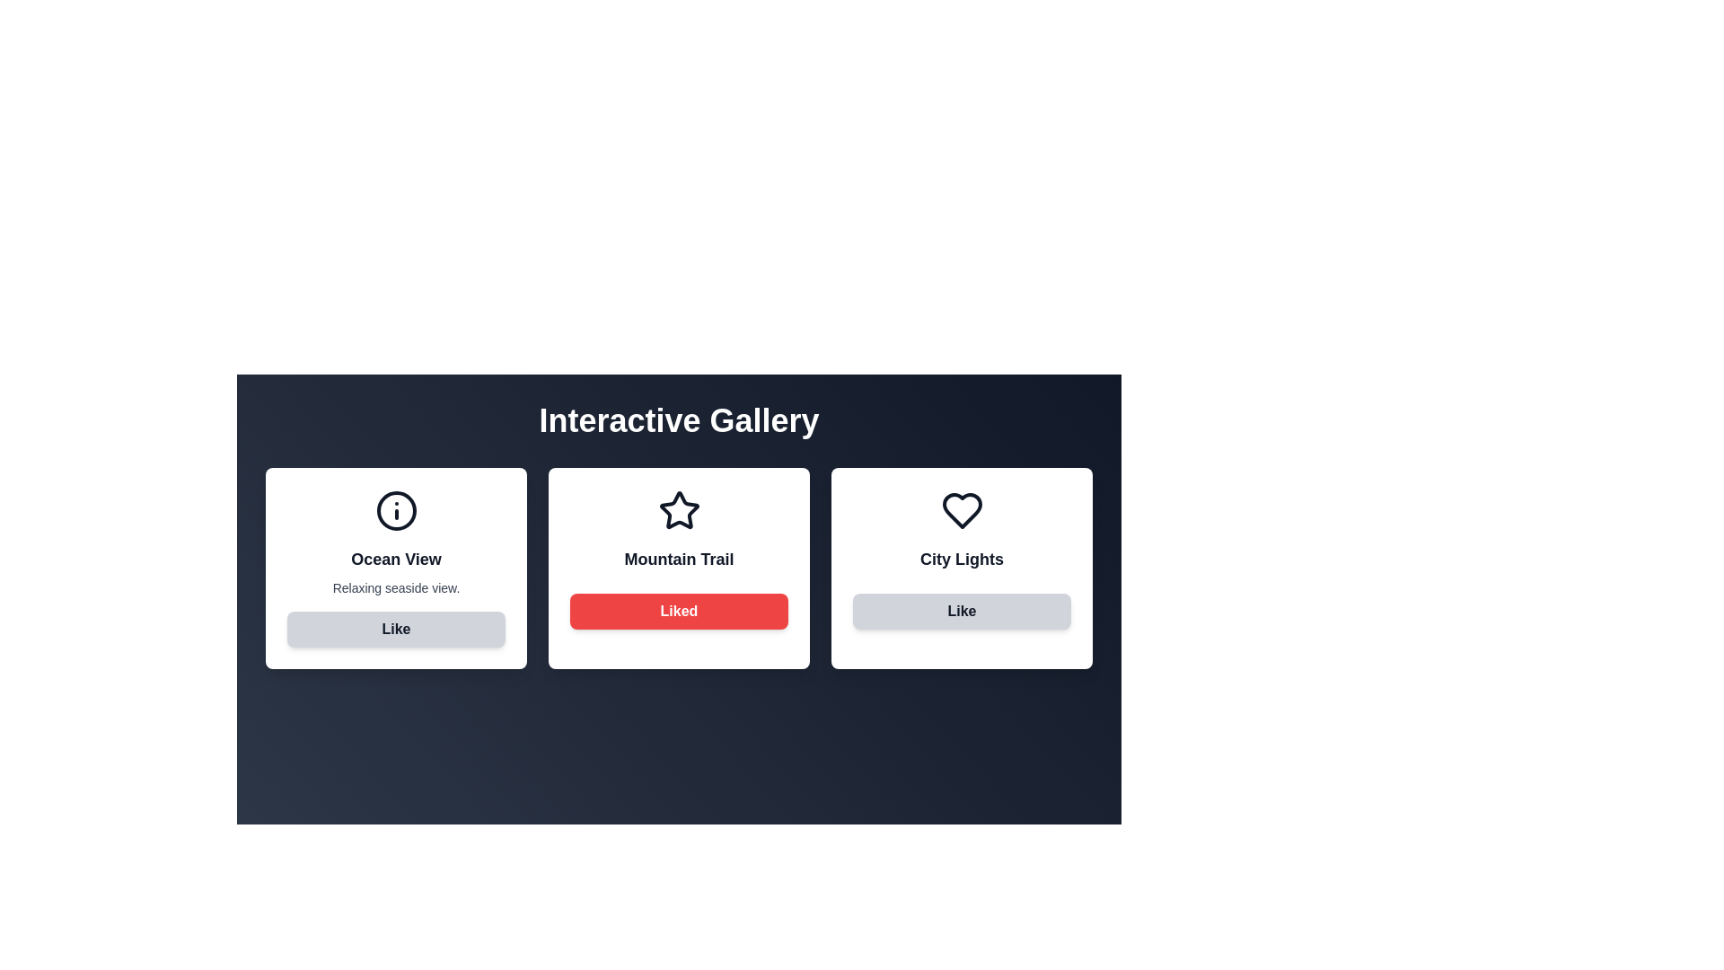 The height and width of the screenshot is (970, 1724). I want to click on the star-shaped icon with a hollow center located at the top-center of the 'Mountain Trail' card, which is the middle card in a horizontal alignment of three cards under the 'Interactive Gallery' header, so click(678, 510).